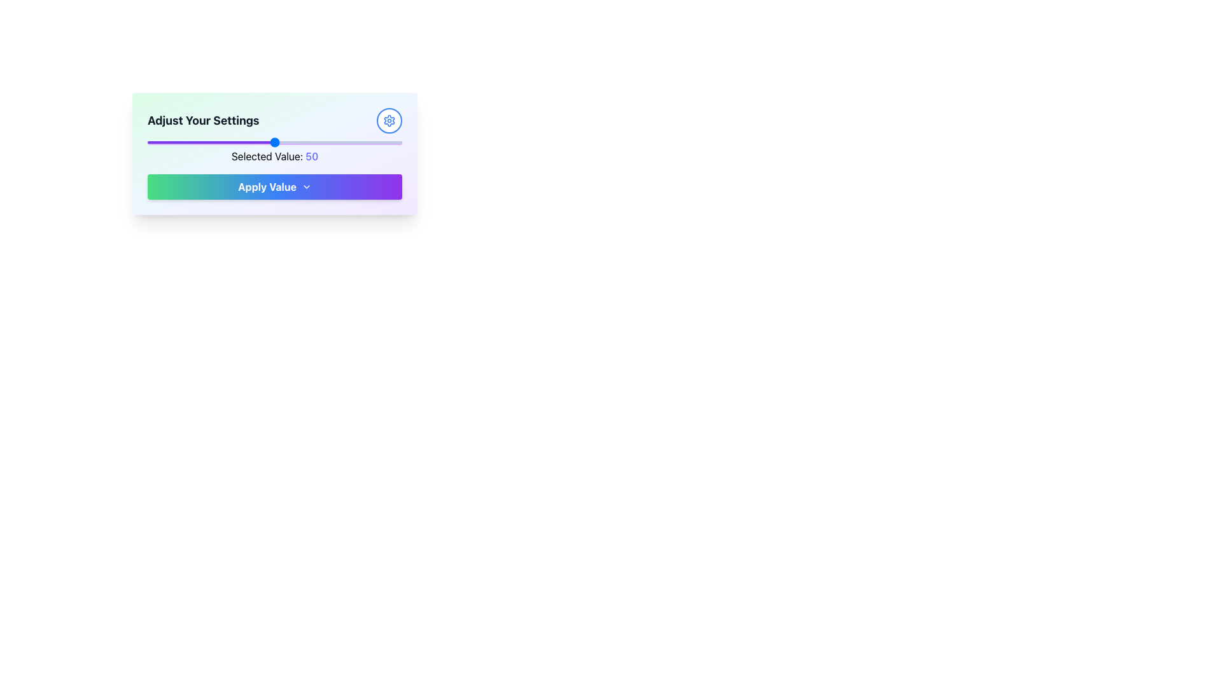  What do you see at coordinates (306, 186) in the screenshot?
I see `the chevron icon located to the left of the 'Apply Value' button's right edge, which indicates expandable content or dropdown action` at bounding box center [306, 186].